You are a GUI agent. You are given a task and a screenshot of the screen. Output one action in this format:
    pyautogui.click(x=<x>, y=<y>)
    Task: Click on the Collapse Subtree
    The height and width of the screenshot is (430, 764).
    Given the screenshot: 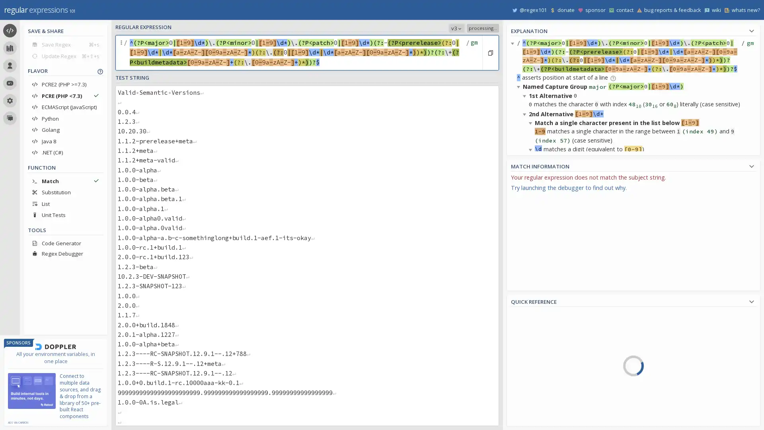 What is the action you would take?
    pyautogui.click(x=520, y=86)
    